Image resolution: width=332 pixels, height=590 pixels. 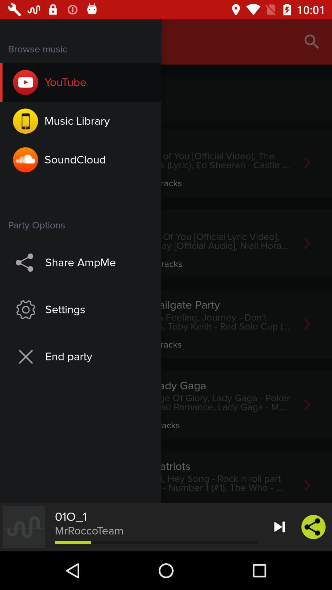 I want to click on the share icon, so click(x=313, y=526).